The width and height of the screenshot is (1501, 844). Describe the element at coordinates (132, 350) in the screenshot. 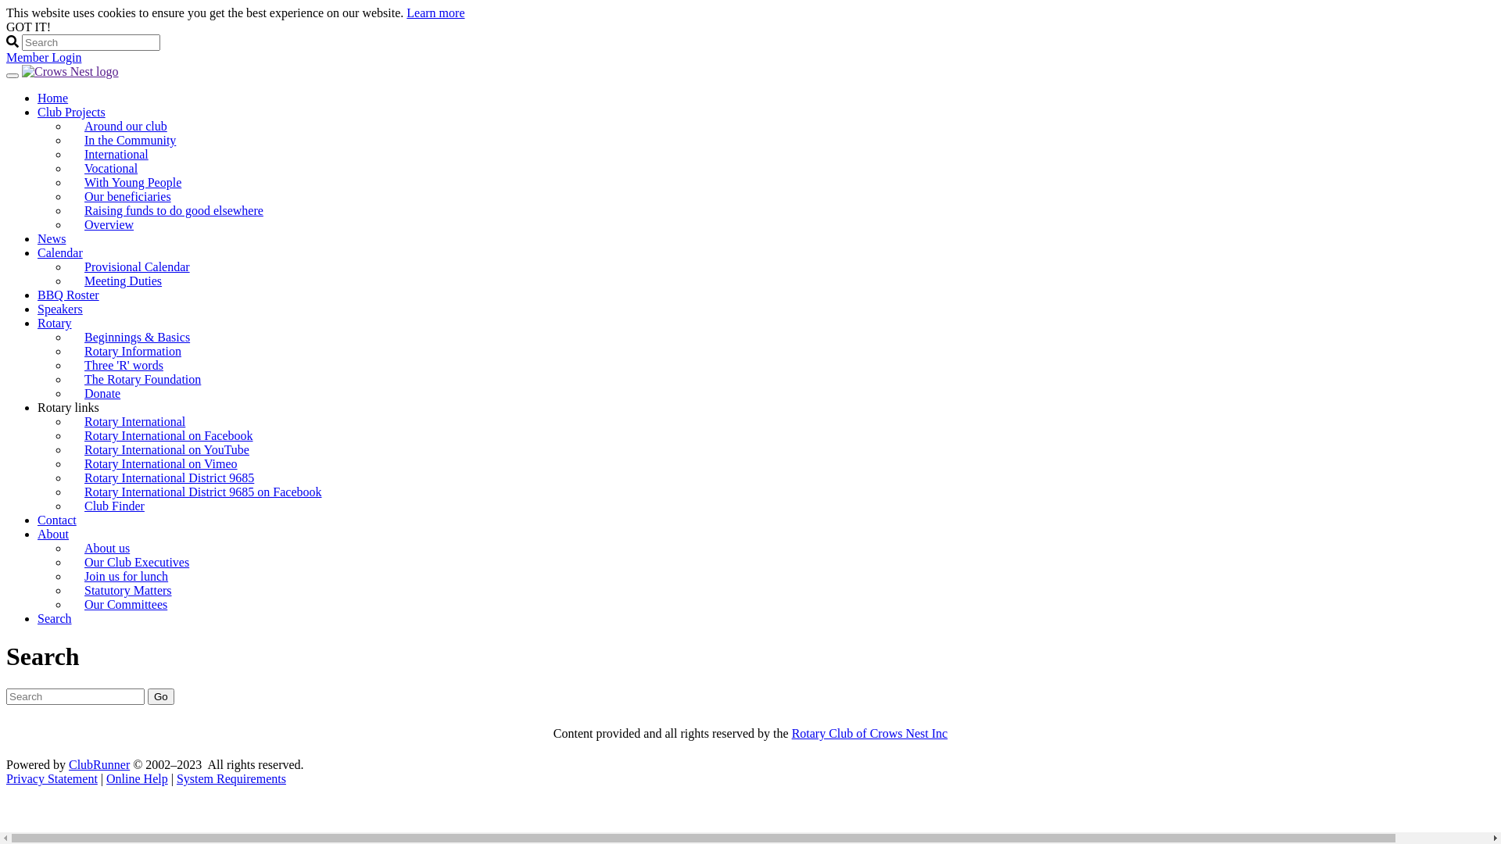

I see `'Rotary Information'` at that location.